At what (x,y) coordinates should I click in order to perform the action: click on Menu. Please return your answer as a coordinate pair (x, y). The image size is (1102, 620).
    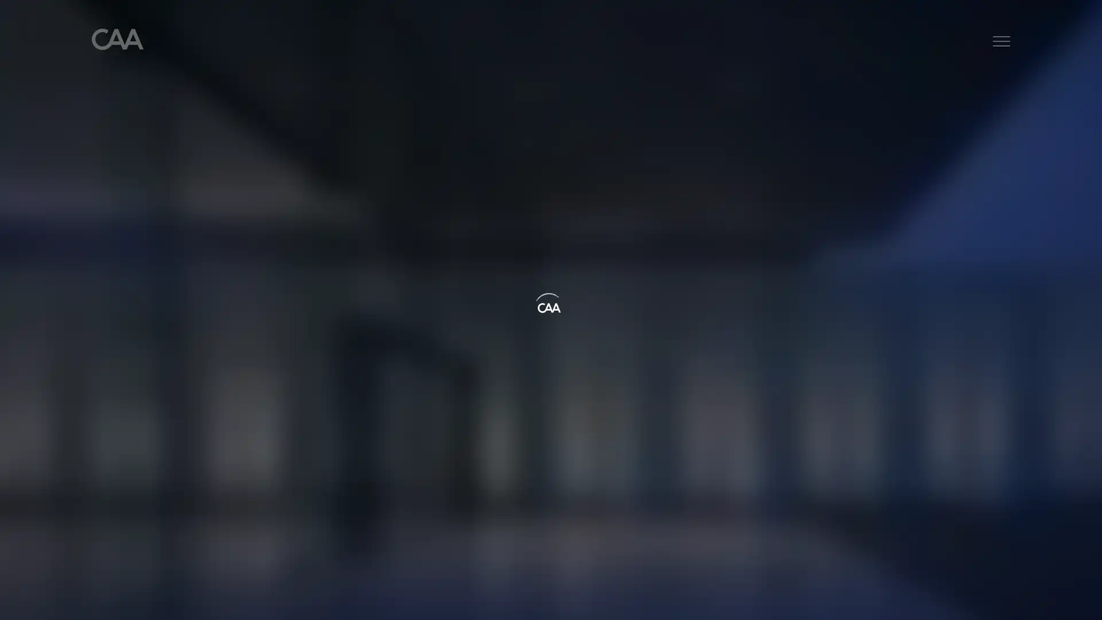
    Looking at the image, I should click on (1001, 42).